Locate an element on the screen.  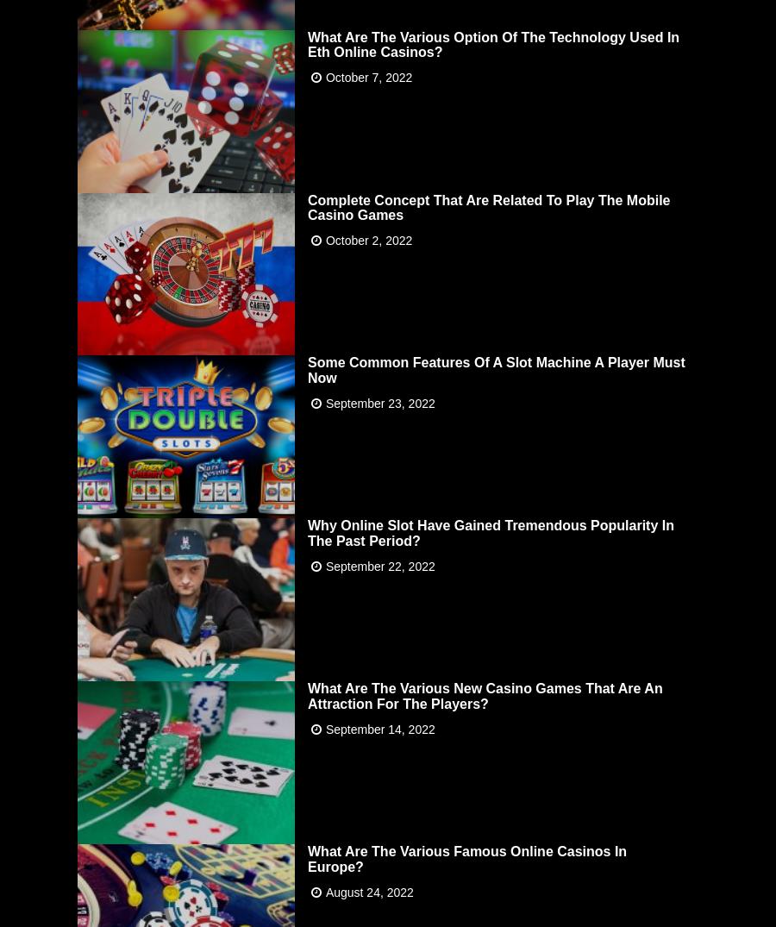
'Some Common Features Of  A Slot Machine A Player Must Now' is located at coordinates (496, 367).